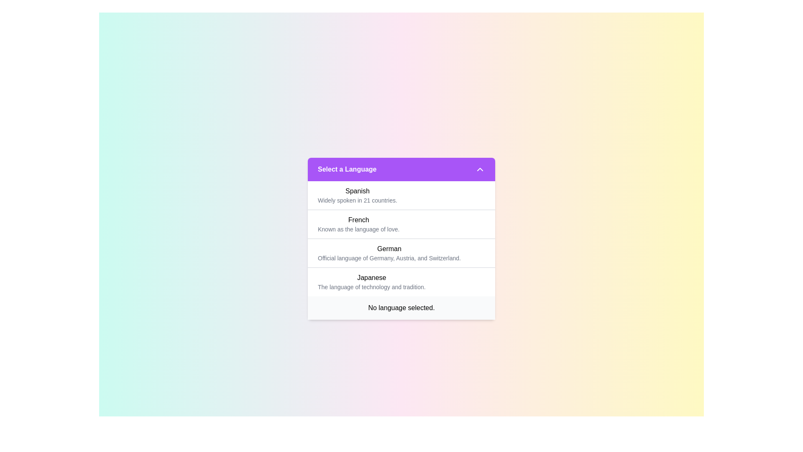  Describe the element at coordinates (358, 229) in the screenshot. I see `the descriptive text label that provides additional information about the language 'French', located within the dropdown menu` at that location.